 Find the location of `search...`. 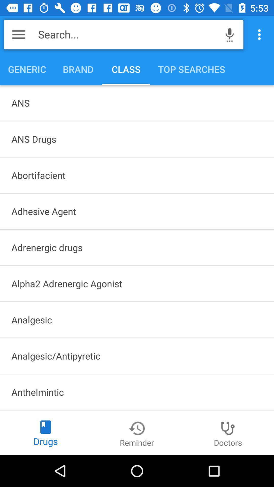

search... is located at coordinates (128, 34).